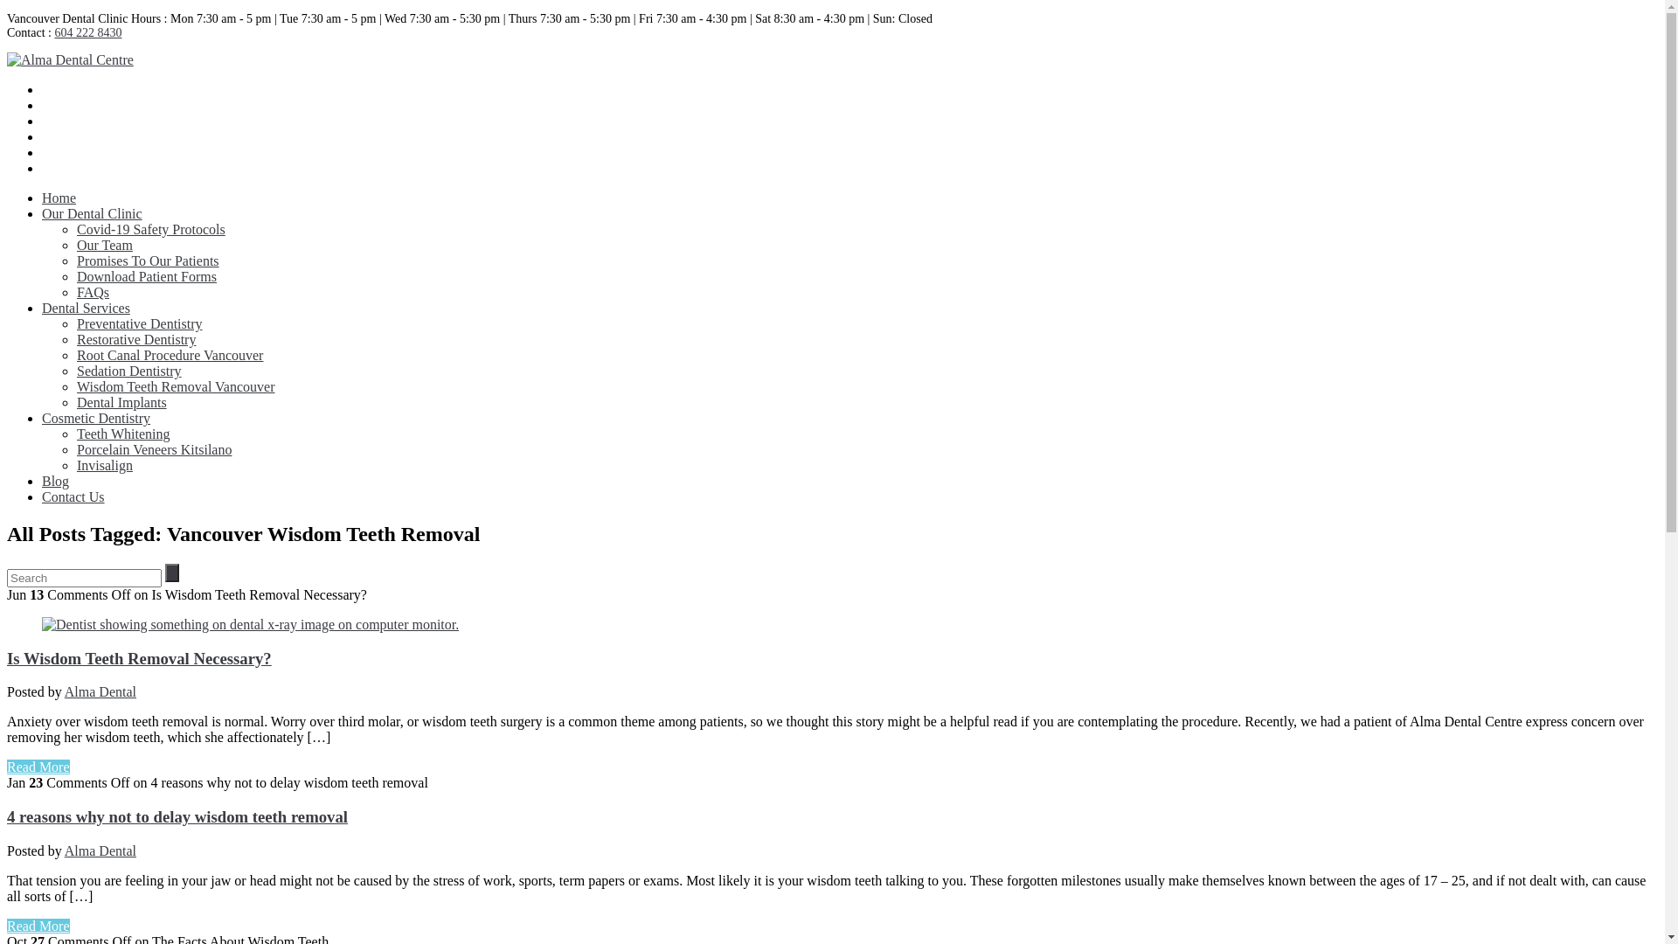 This screenshot has width=1678, height=944. Describe the element at coordinates (95, 418) in the screenshot. I see `'Cosmetic Dentistry'` at that location.